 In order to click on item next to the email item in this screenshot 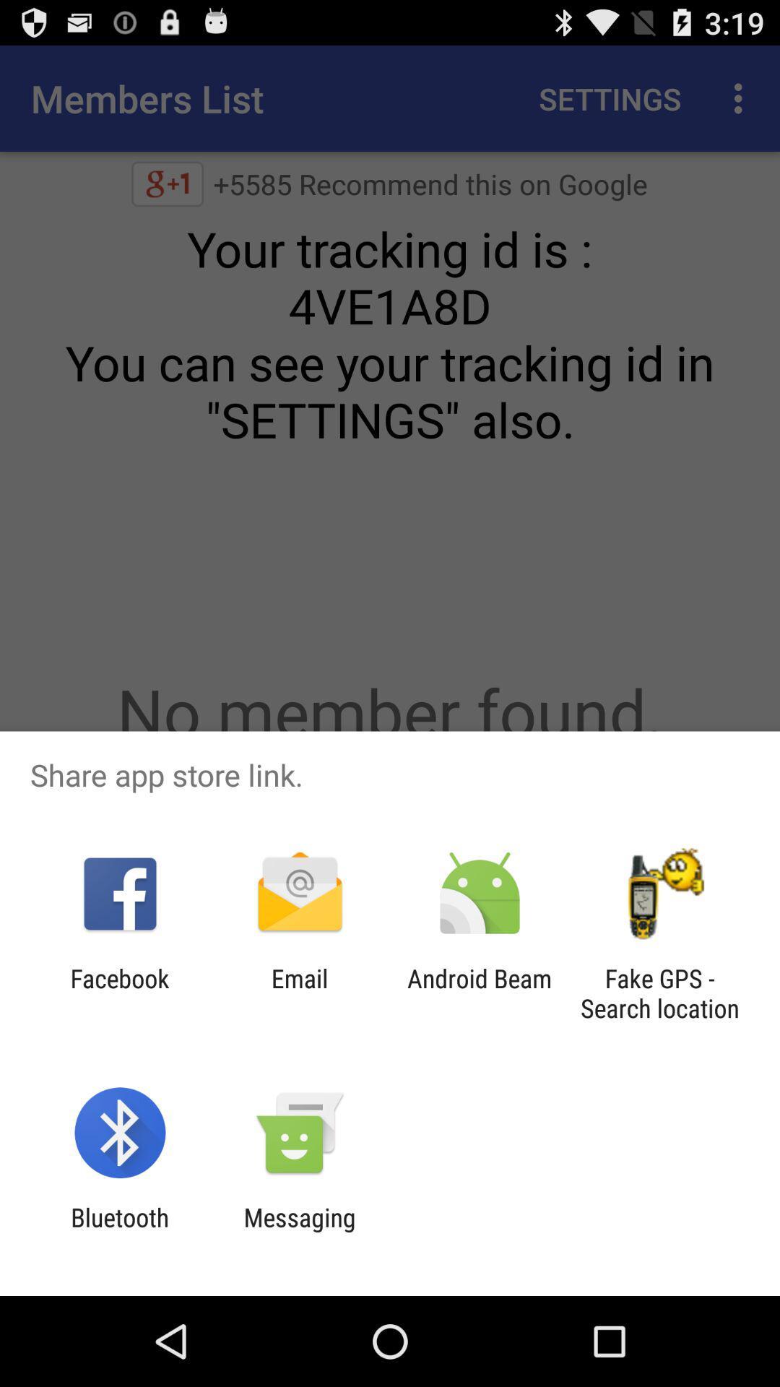, I will do `click(119, 993)`.